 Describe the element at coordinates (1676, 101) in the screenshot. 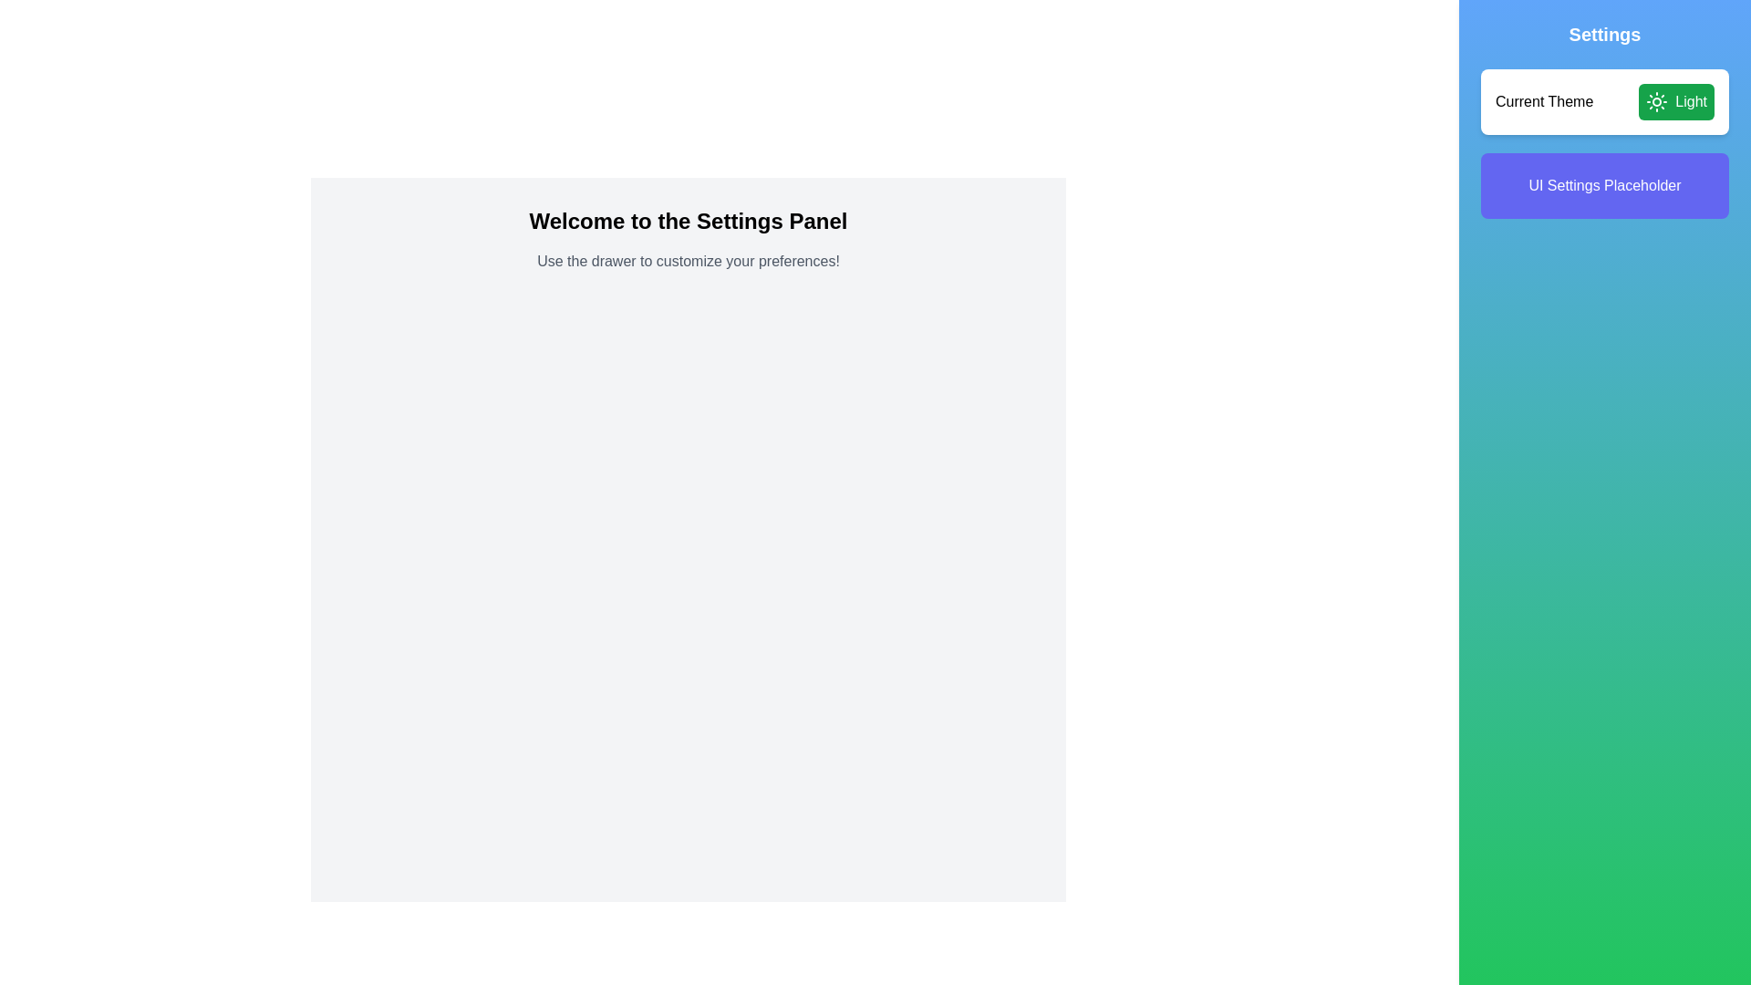

I see `the 'Light' button to toggle the theme` at that location.